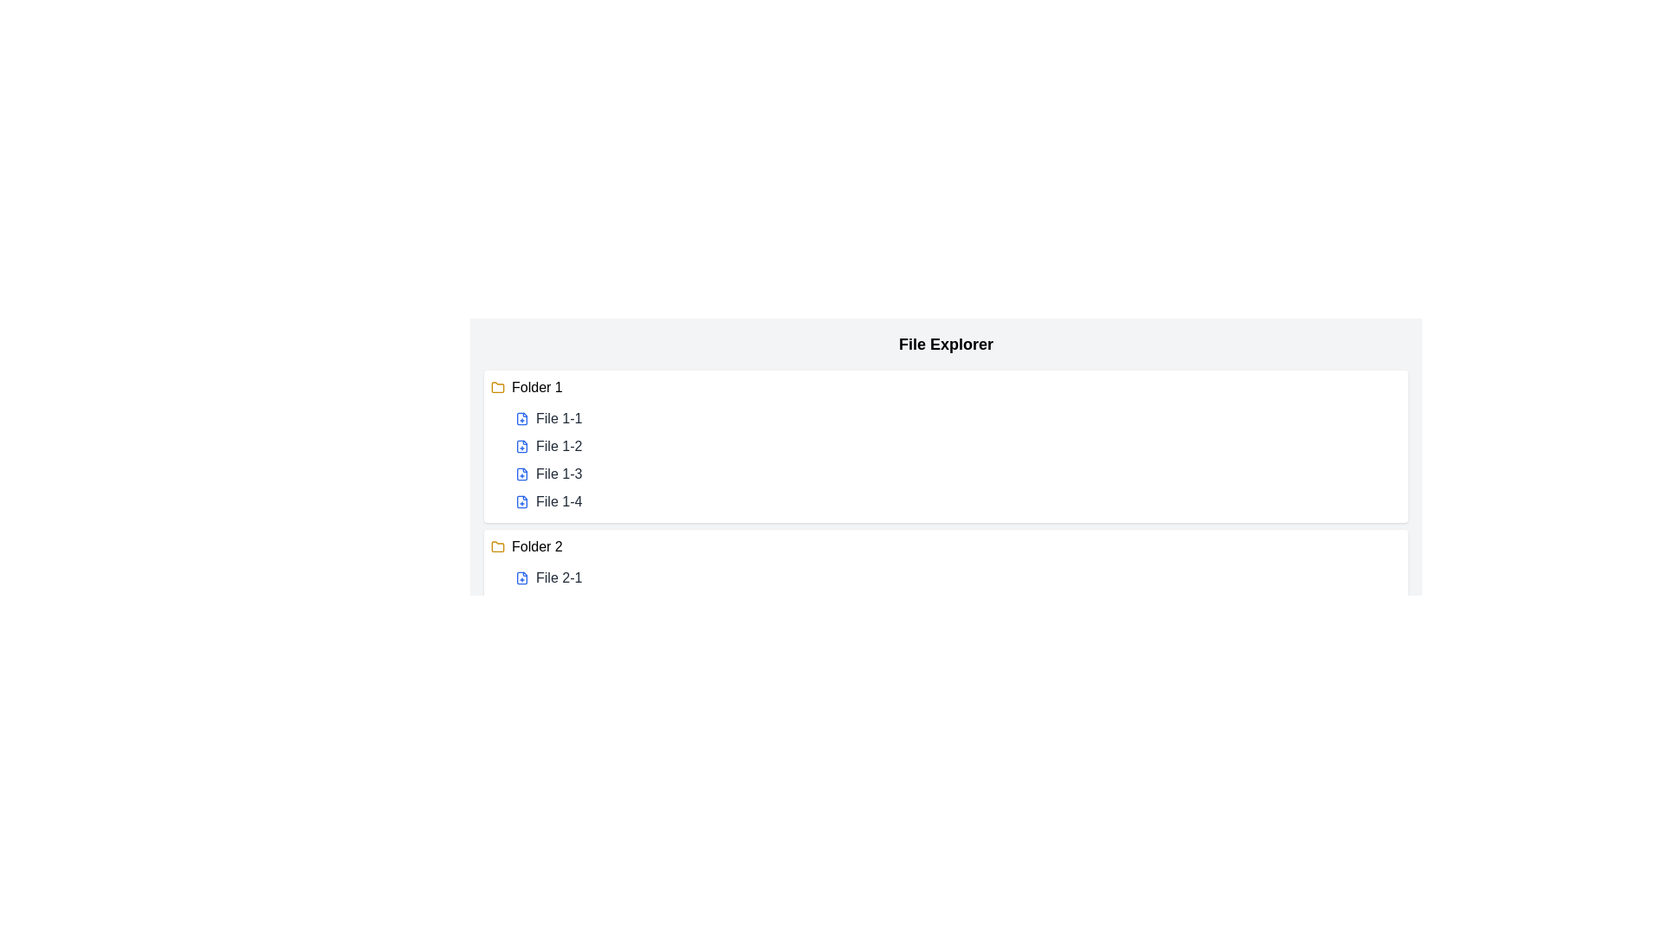 This screenshot has height=935, width=1663. Describe the element at coordinates (558, 474) in the screenshot. I see `the text label displaying 'File 1-3'` at that location.